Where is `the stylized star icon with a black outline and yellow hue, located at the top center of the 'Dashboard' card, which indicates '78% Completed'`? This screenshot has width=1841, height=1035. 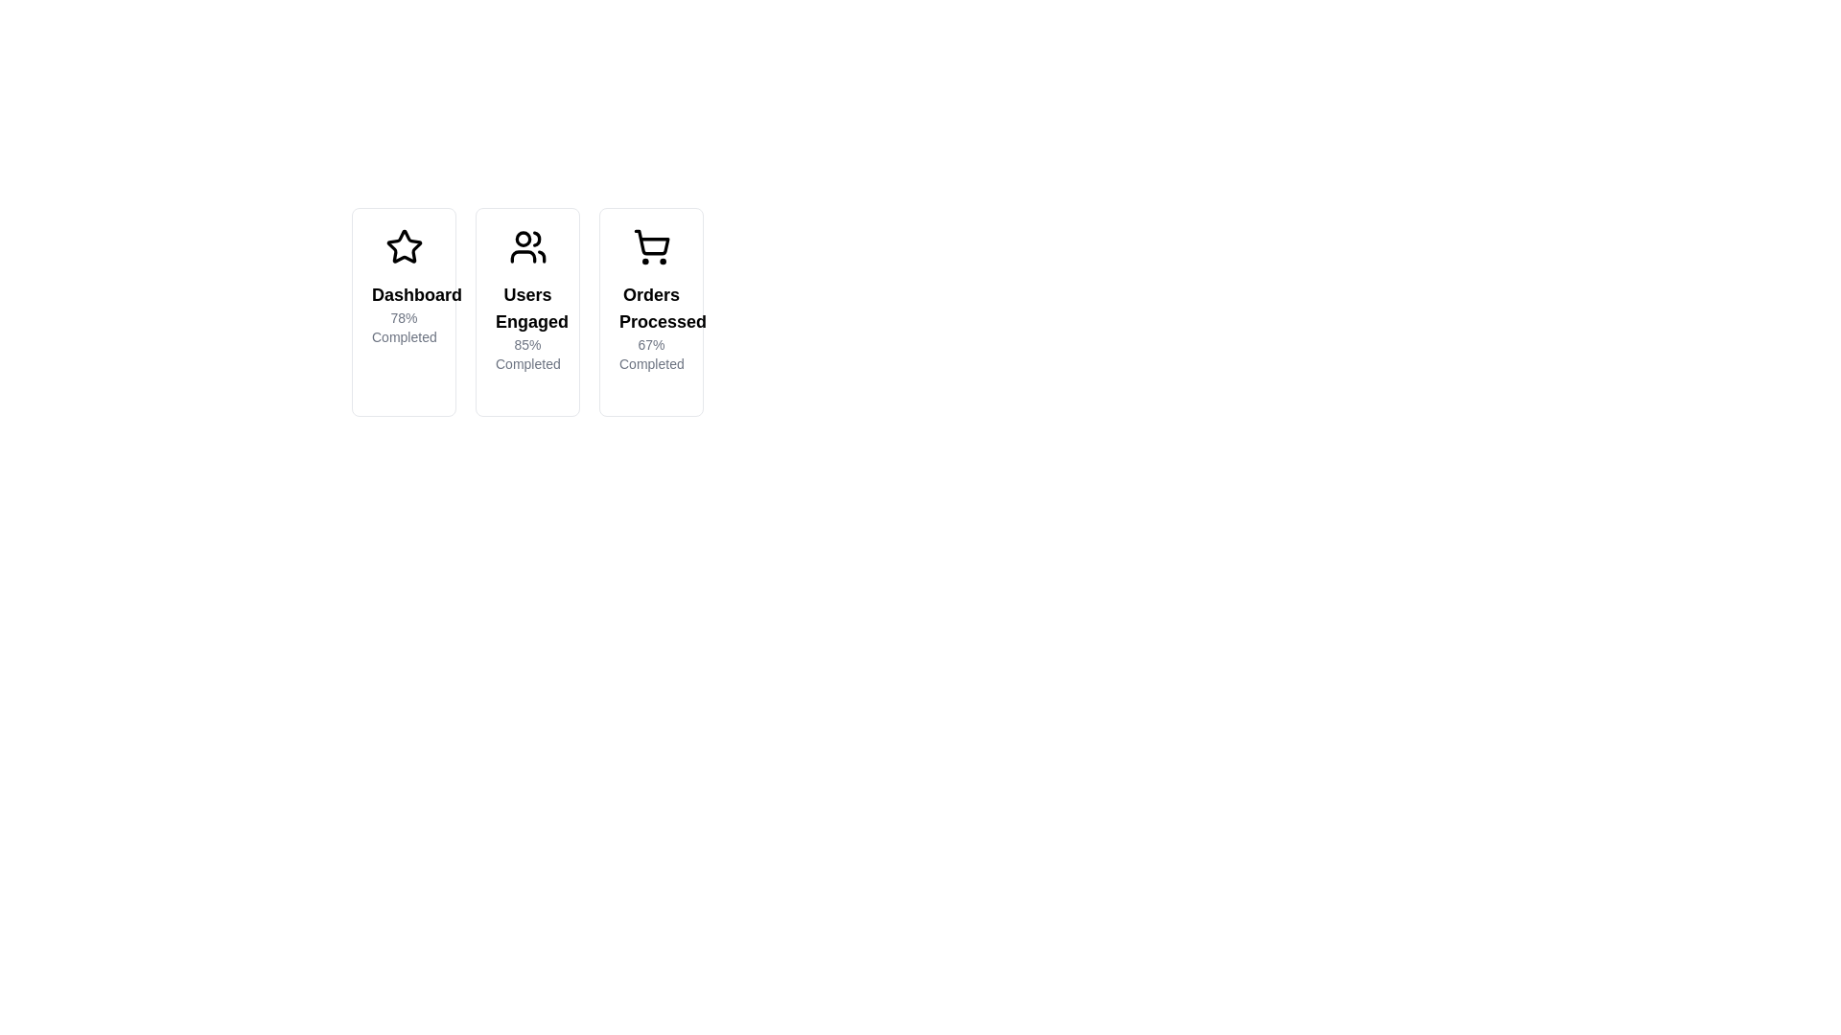 the stylized star icon with a black outline and yellow hue, located at the top center of the 'Dashboard' card, which indicates '78% Completed' is located at coordinates (403, 246).